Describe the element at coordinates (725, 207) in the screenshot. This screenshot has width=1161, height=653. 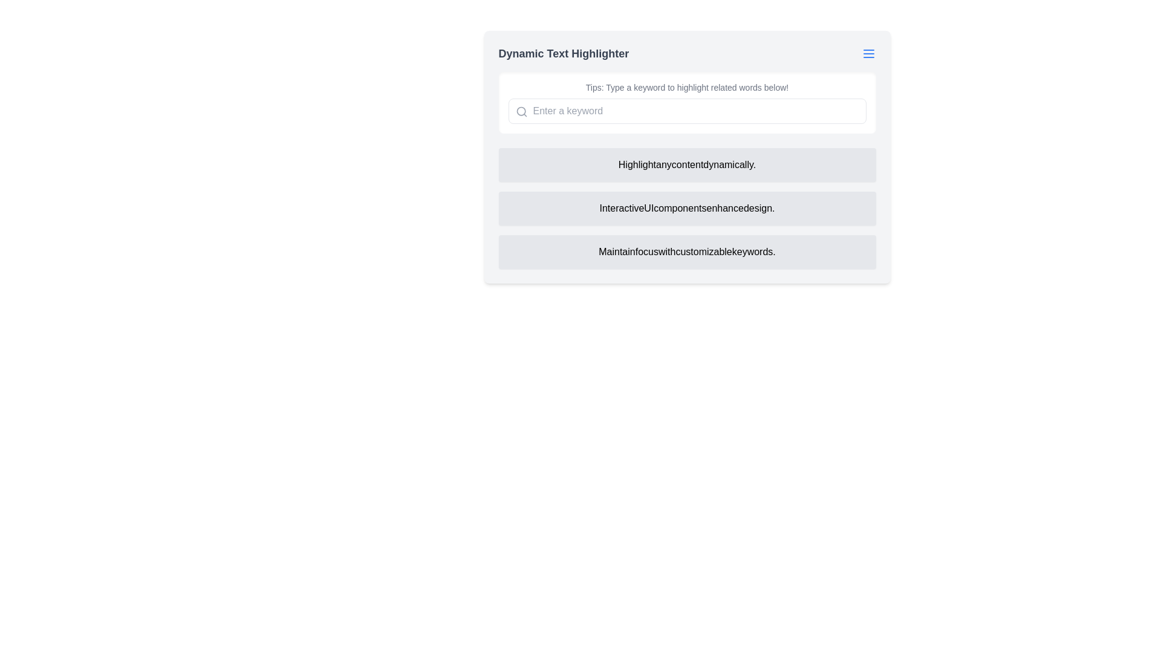
I see `the text element 'enhance' which is styled in a sans-serif font and is the fourth word in the sentence 'Interactive UI components enhance design.'` at that location.